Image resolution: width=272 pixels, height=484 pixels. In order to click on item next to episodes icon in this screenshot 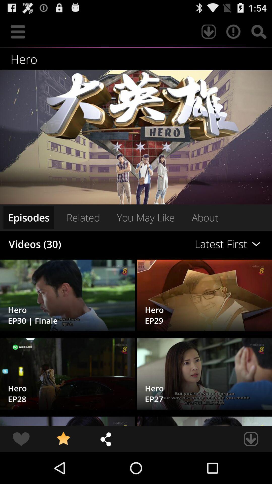, I will do `click(83, 217)`.